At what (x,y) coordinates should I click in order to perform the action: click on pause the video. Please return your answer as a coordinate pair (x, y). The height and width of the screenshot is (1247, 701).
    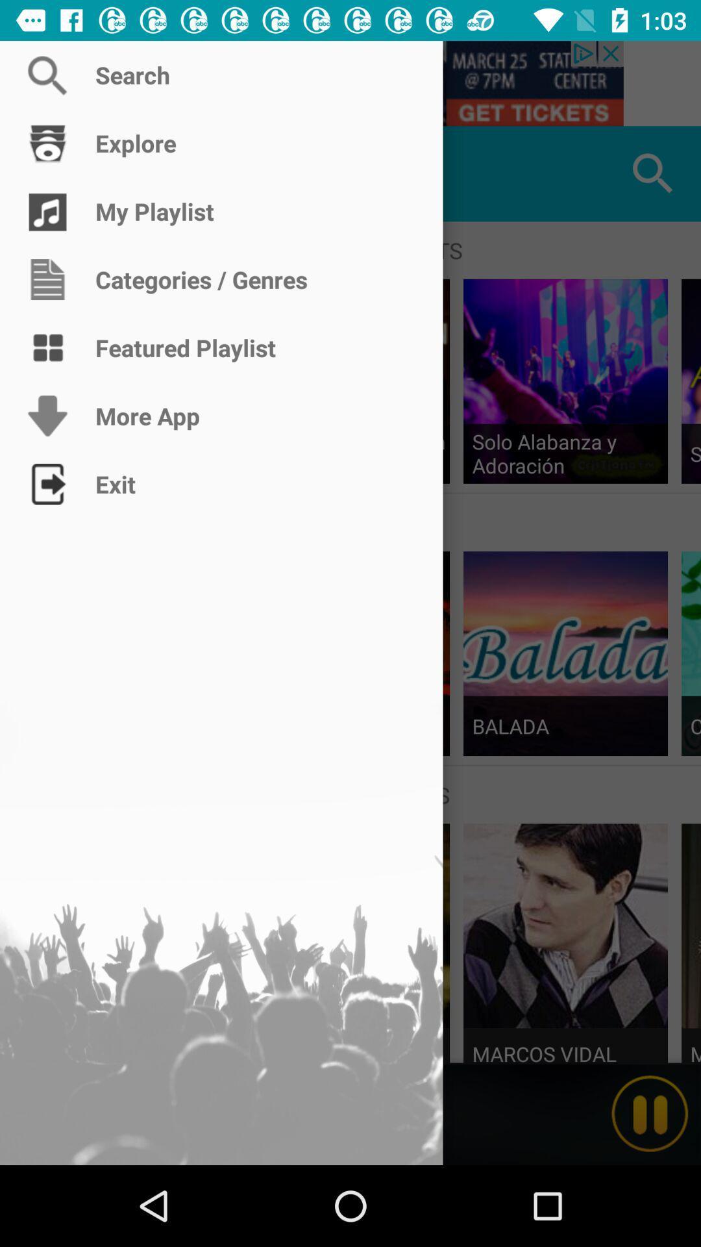
    Looking at the image, I should click on (650, 1113).